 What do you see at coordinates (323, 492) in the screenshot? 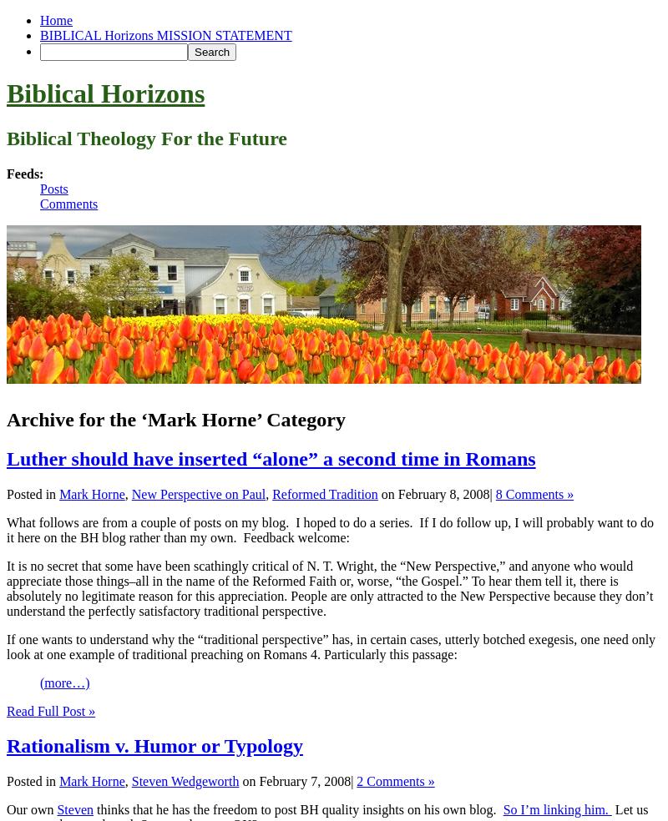
I see `'Reformed Tradition'` at bounding box center [323, 492].